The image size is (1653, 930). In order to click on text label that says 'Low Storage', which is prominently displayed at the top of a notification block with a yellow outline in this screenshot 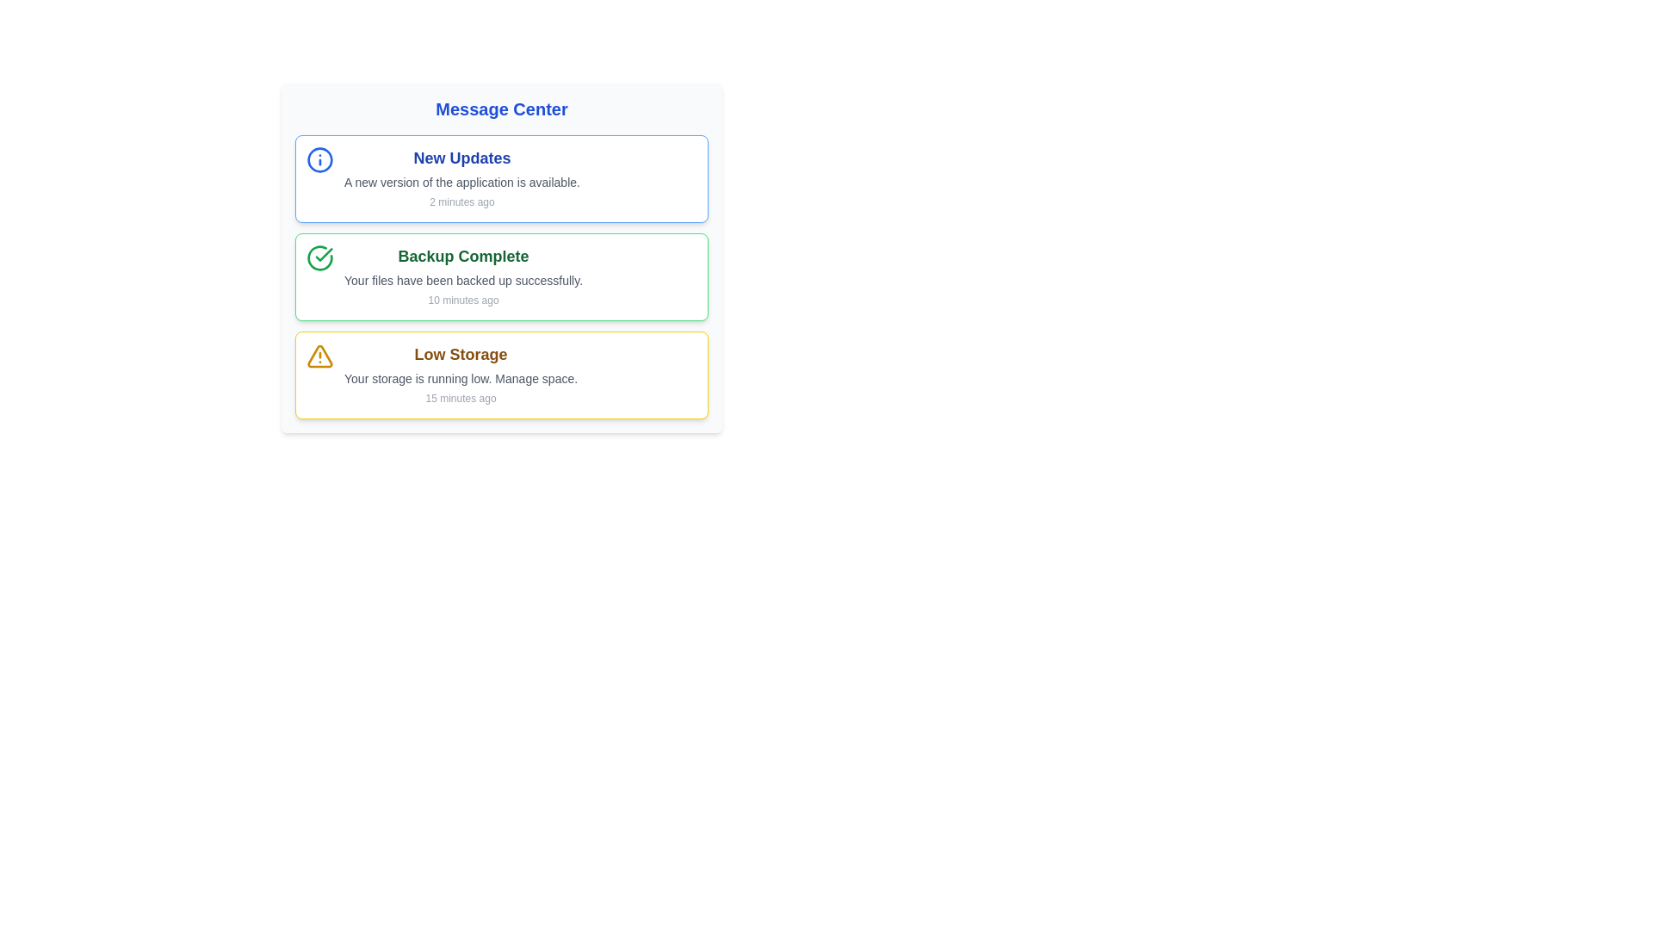, I will do `click(461, 354)`.